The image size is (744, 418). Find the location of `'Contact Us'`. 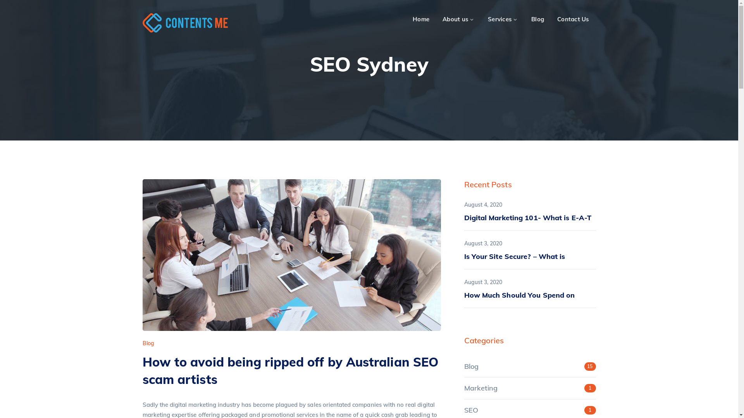

'Contact Us' is located at coordinates (573, 19).